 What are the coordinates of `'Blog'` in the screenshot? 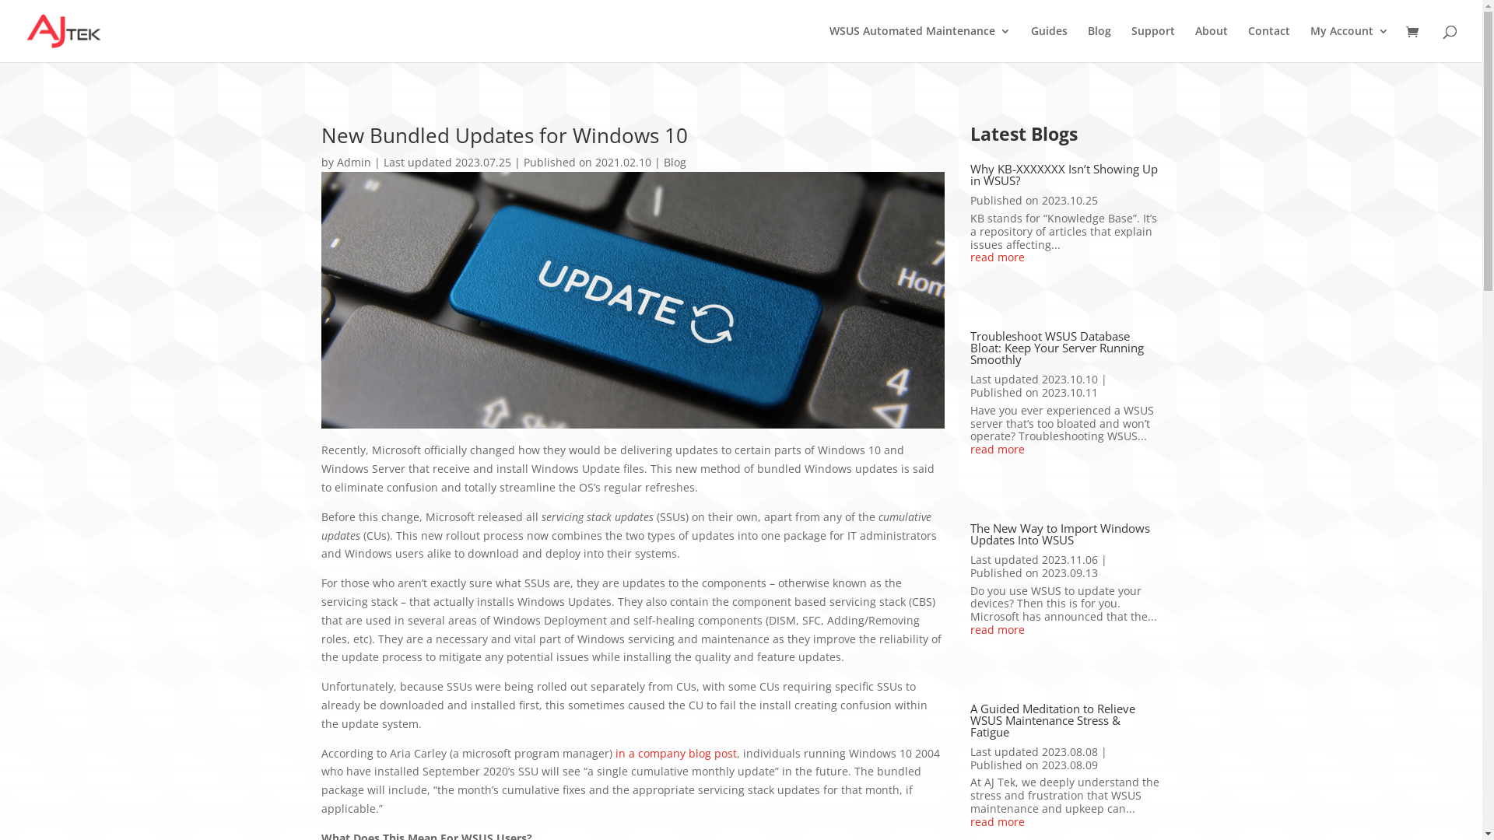 It's located at (674, 162).